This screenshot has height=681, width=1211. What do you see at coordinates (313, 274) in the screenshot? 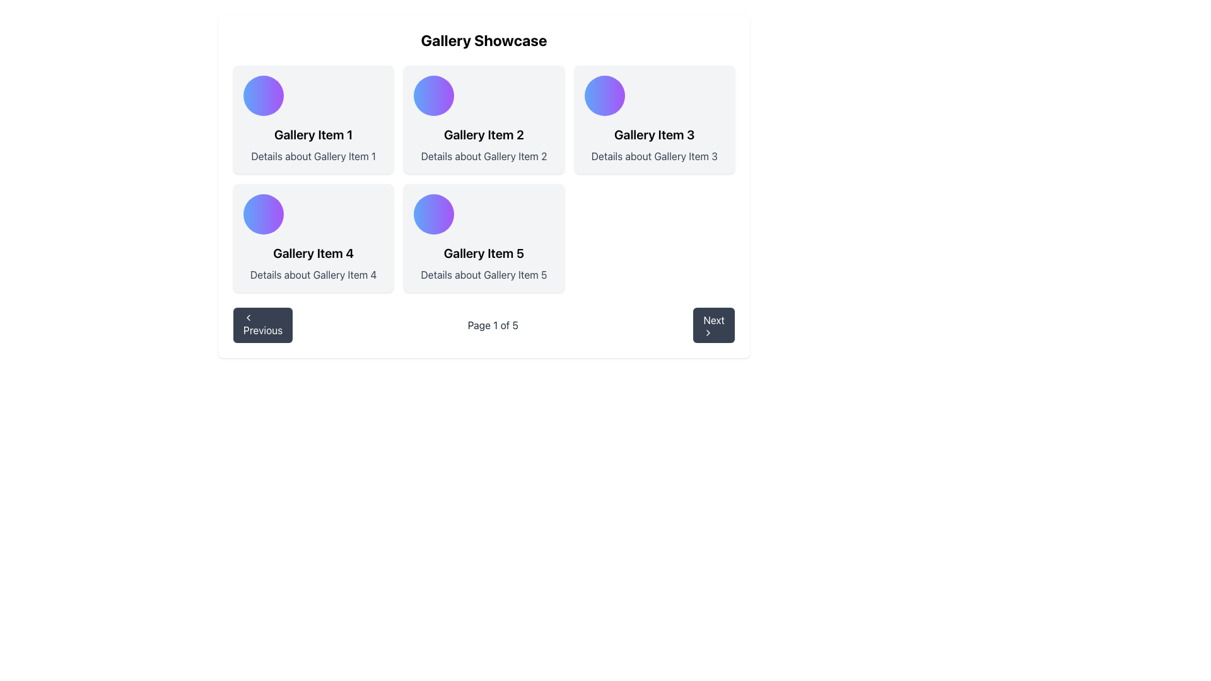
I see `the text label reading 'Details about Gallery Item 4'` at bounding box center [313, 274].